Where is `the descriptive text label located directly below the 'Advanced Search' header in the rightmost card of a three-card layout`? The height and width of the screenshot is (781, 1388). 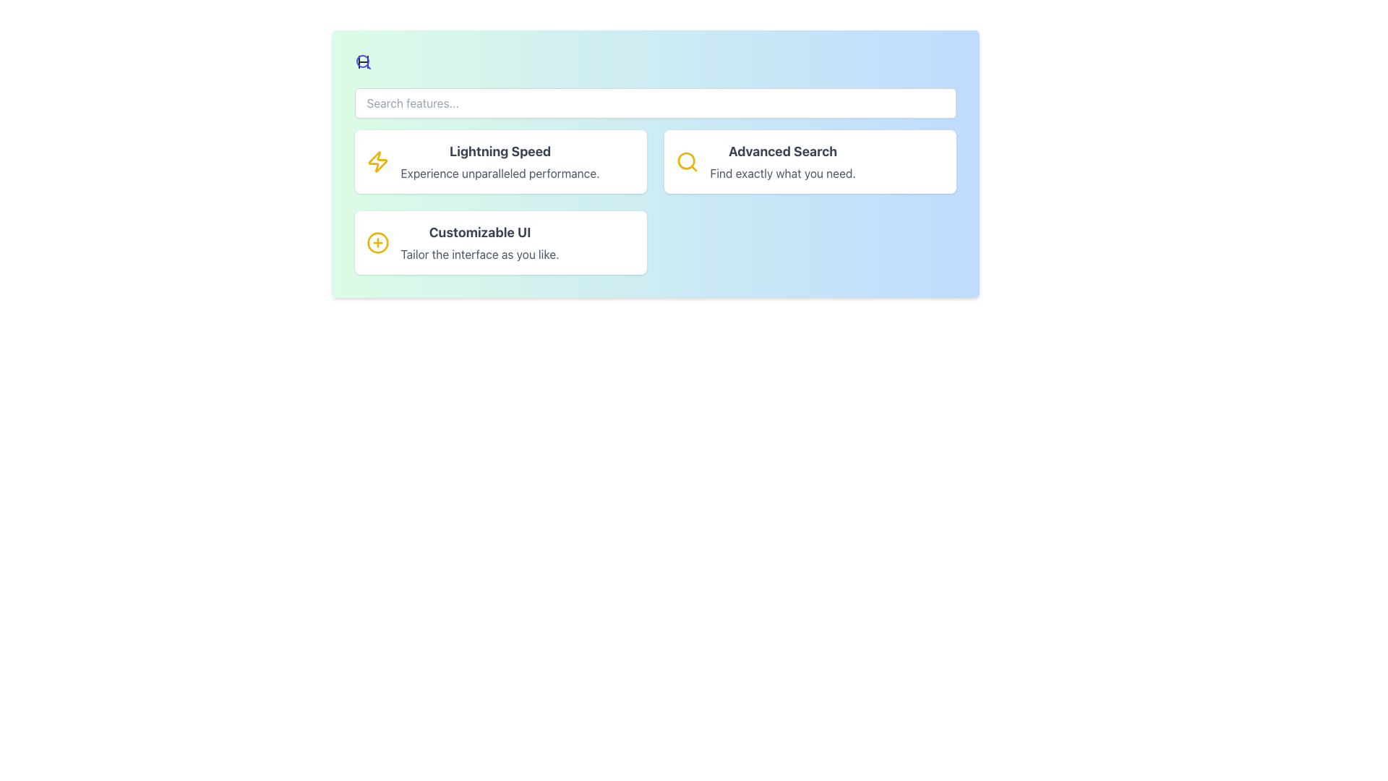
the descriptive text label located directly below the 'Advanced Search' header in the rightmost card of a three-card layout is located at coordinates (782, 172).